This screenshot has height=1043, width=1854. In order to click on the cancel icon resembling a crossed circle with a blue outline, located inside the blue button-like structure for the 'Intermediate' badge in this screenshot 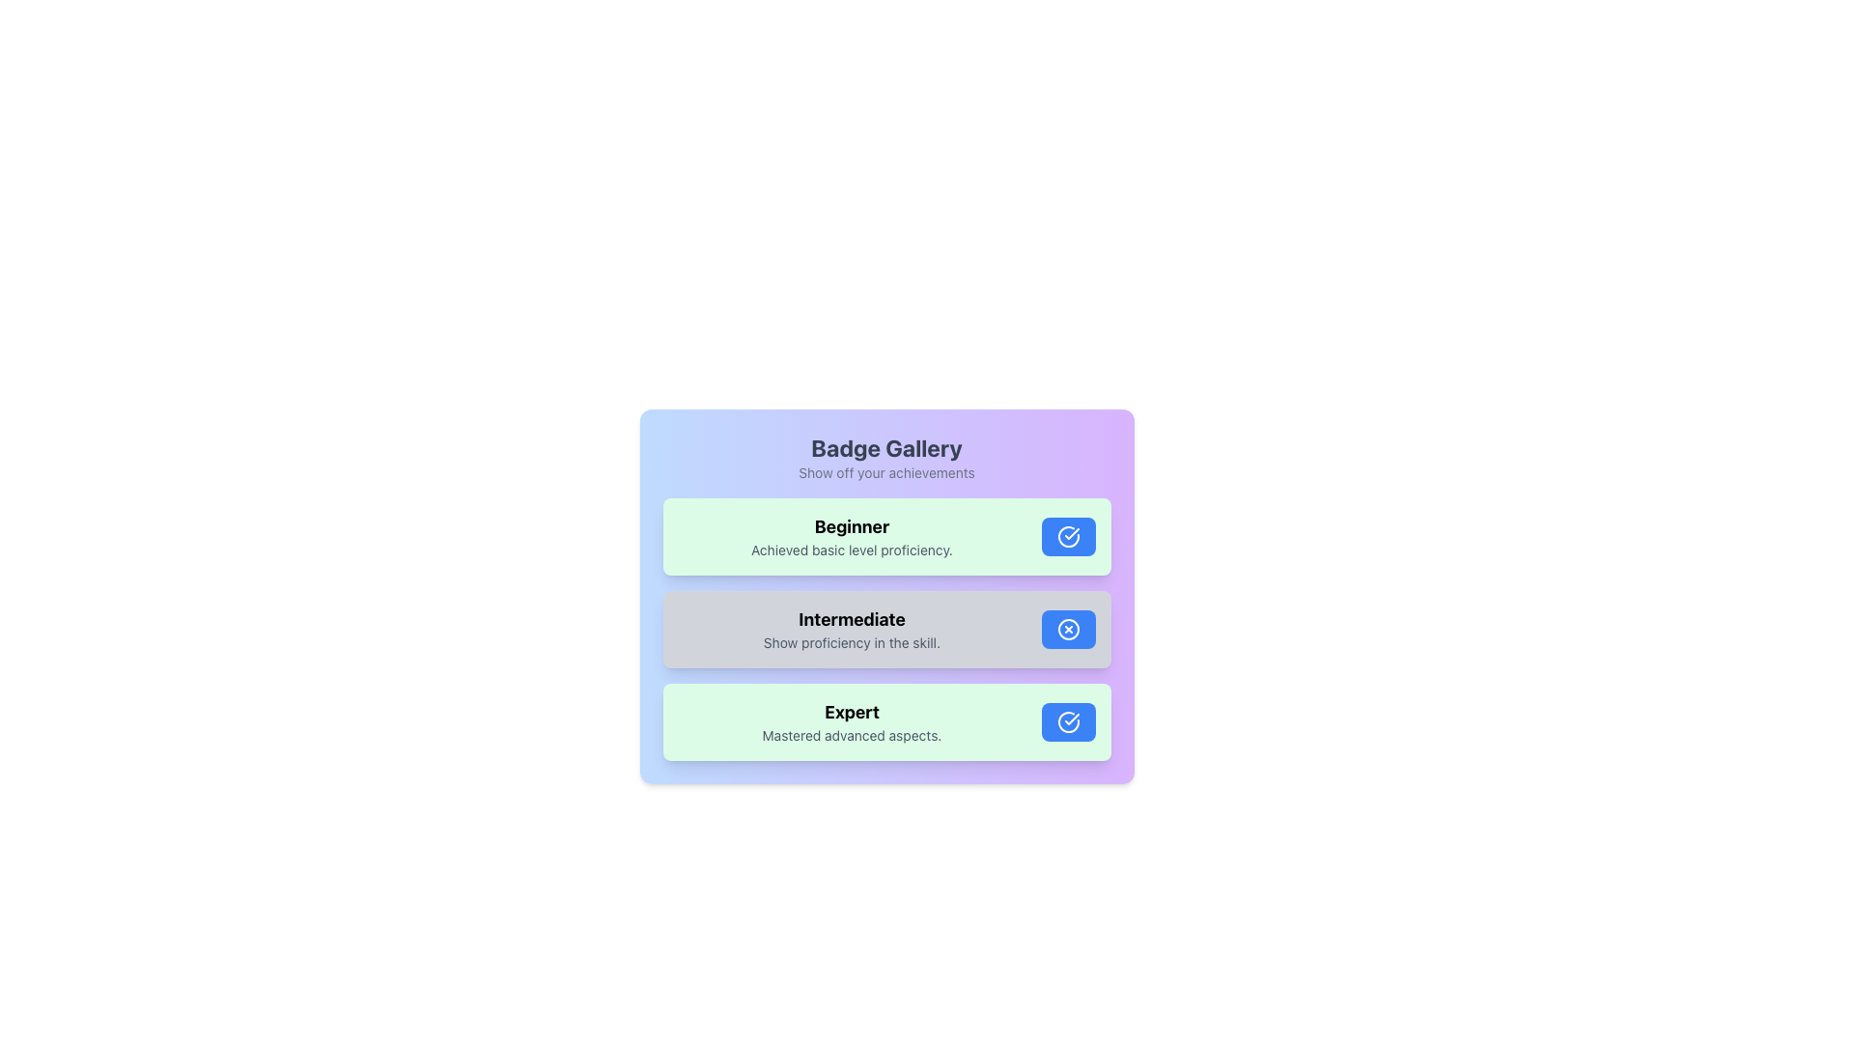, I will do `click(1067, 629)`.